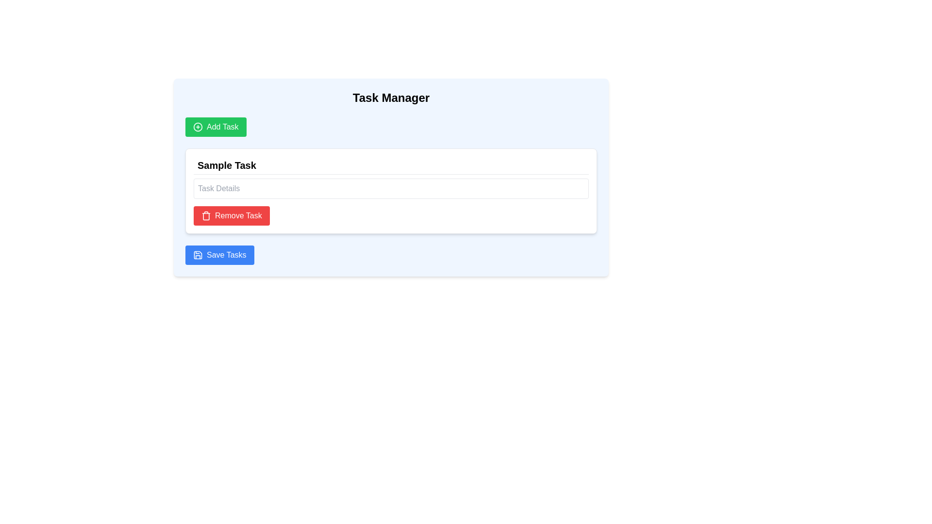 The height and width of the screenshot is (524, 932). What do you see at coordinates (221, 127) in the screenshot?
I see `the 'Add Task' text label within the green 'Add Task' button` at bounding box center [221, 127].